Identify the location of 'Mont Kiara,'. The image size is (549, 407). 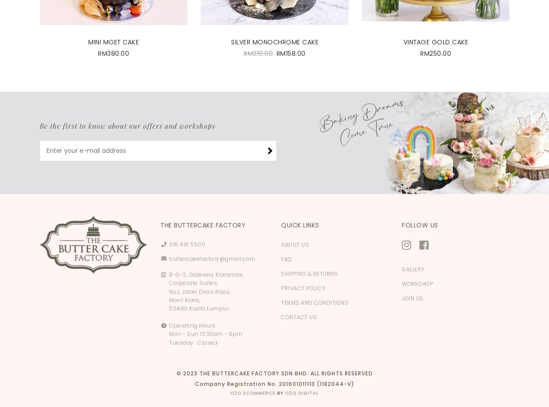
(184, 299).